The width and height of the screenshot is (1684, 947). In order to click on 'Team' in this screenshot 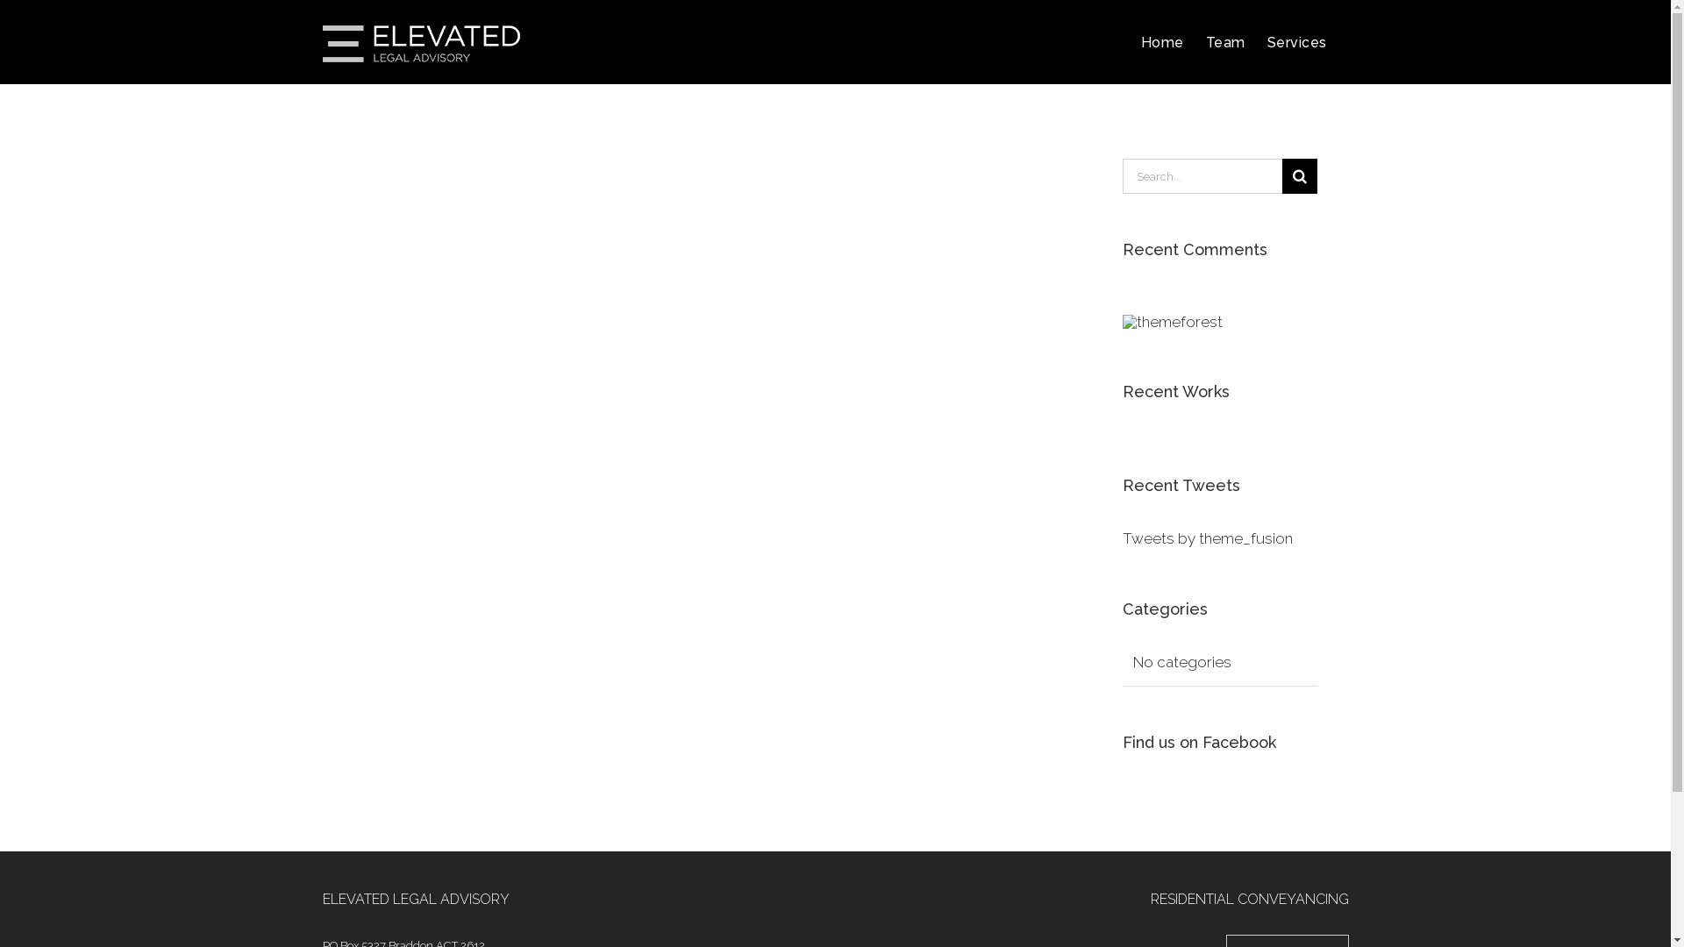, I will do `click(1224, 40)`.